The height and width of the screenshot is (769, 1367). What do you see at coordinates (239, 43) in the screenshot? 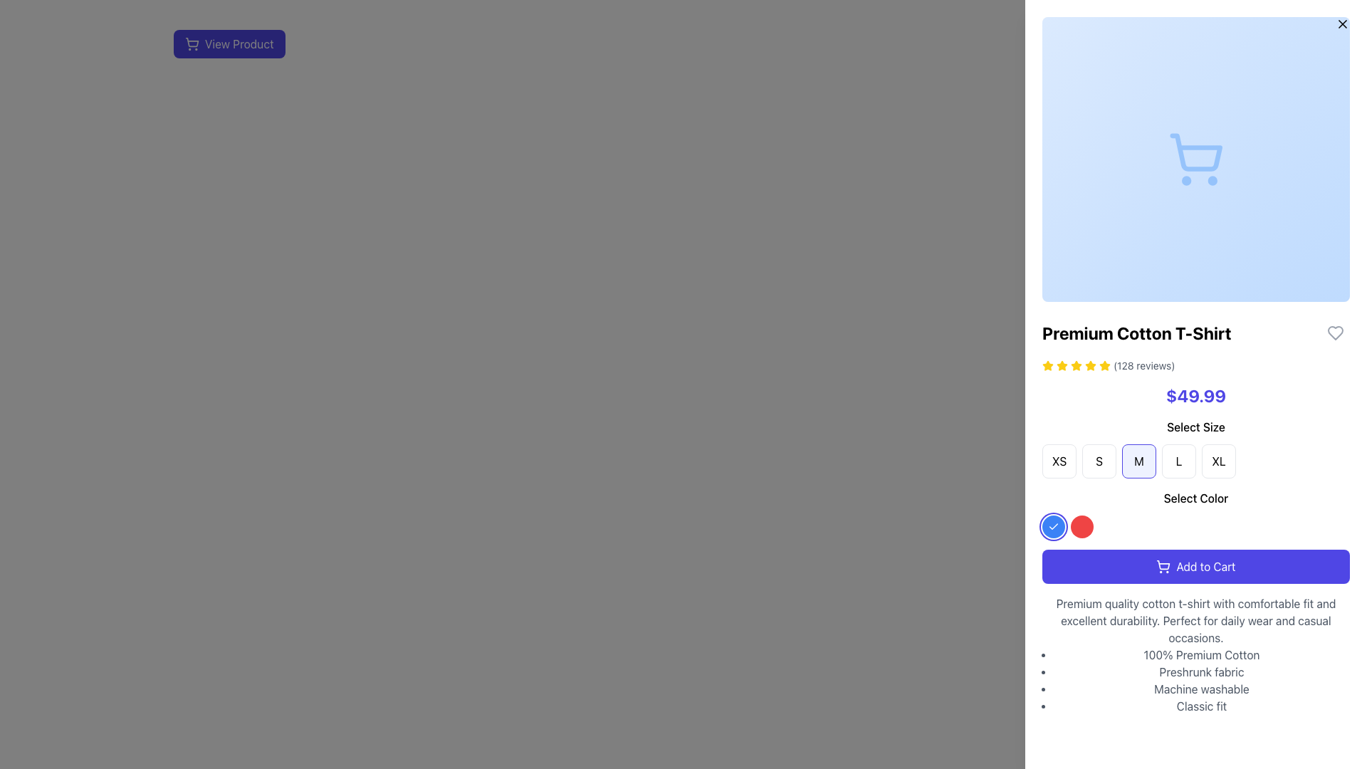
I see `the descriptive label text located within the button component in the upper left area of the layout, which is styled as a button and shares space with a shopping cart icon` at bounding box center [239, 43].